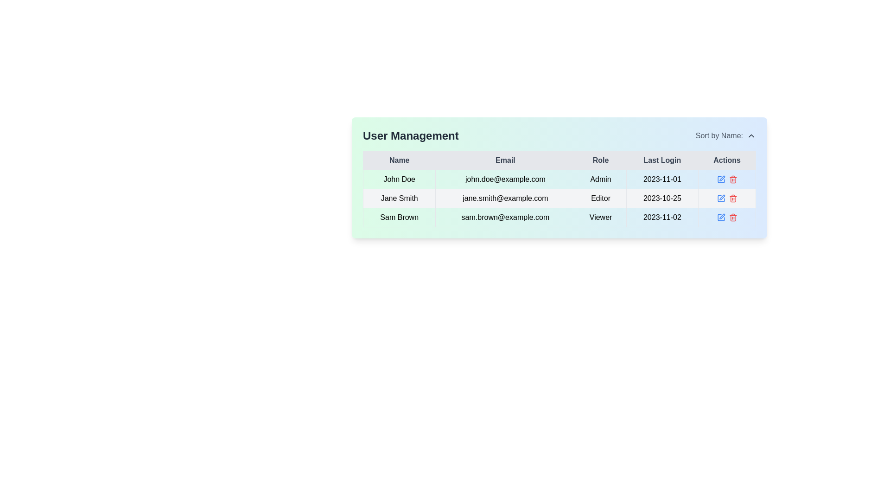 The image size is (890, 501). Describe the element at coordinates (559, 198) in the screenshot. I see `the second row of the user management table, which contains 'Jane Smith', 'jane.smith@example.com', 'Editor', and '2023-10-25'` at that location.